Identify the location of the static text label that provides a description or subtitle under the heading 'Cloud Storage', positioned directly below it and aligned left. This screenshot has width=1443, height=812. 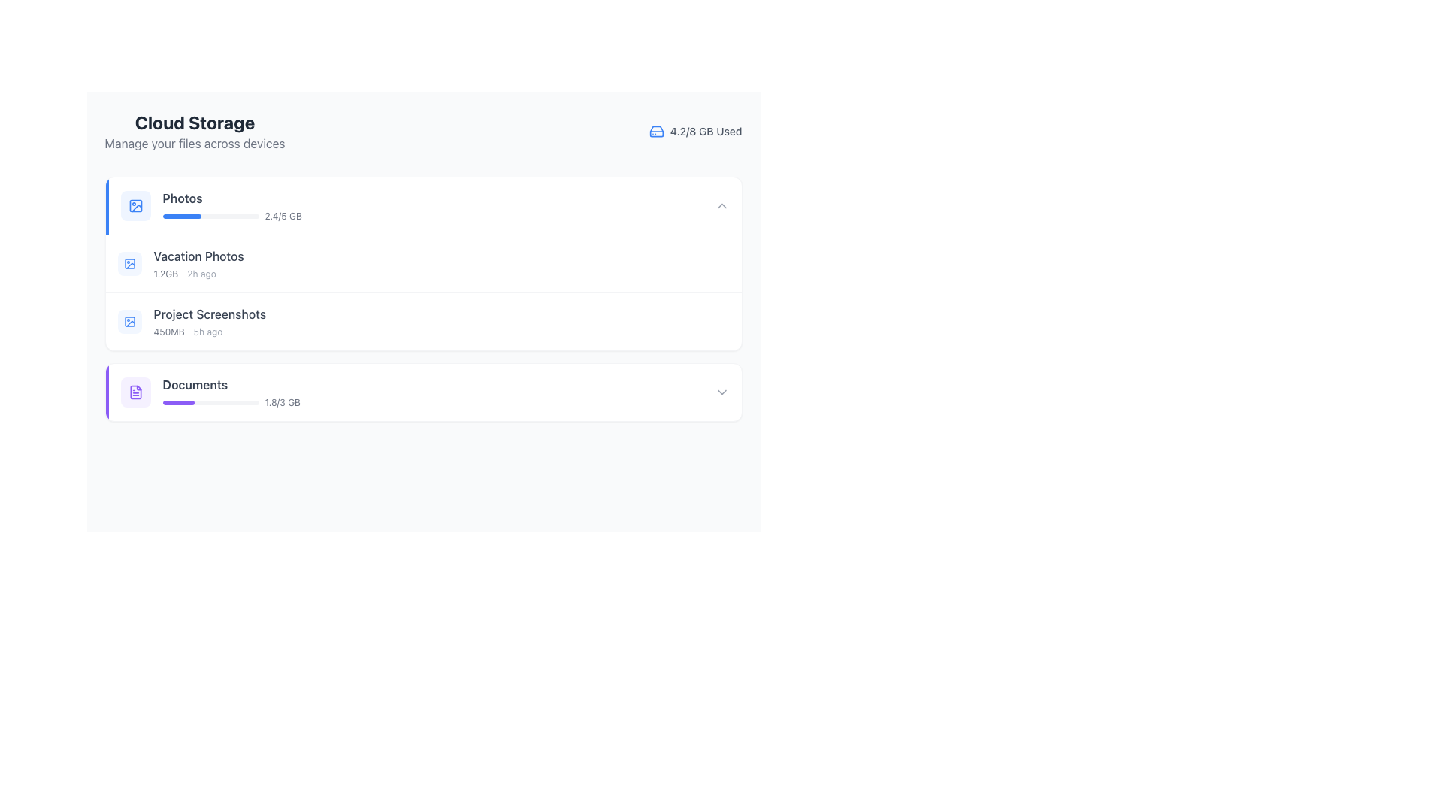
(194, 144).